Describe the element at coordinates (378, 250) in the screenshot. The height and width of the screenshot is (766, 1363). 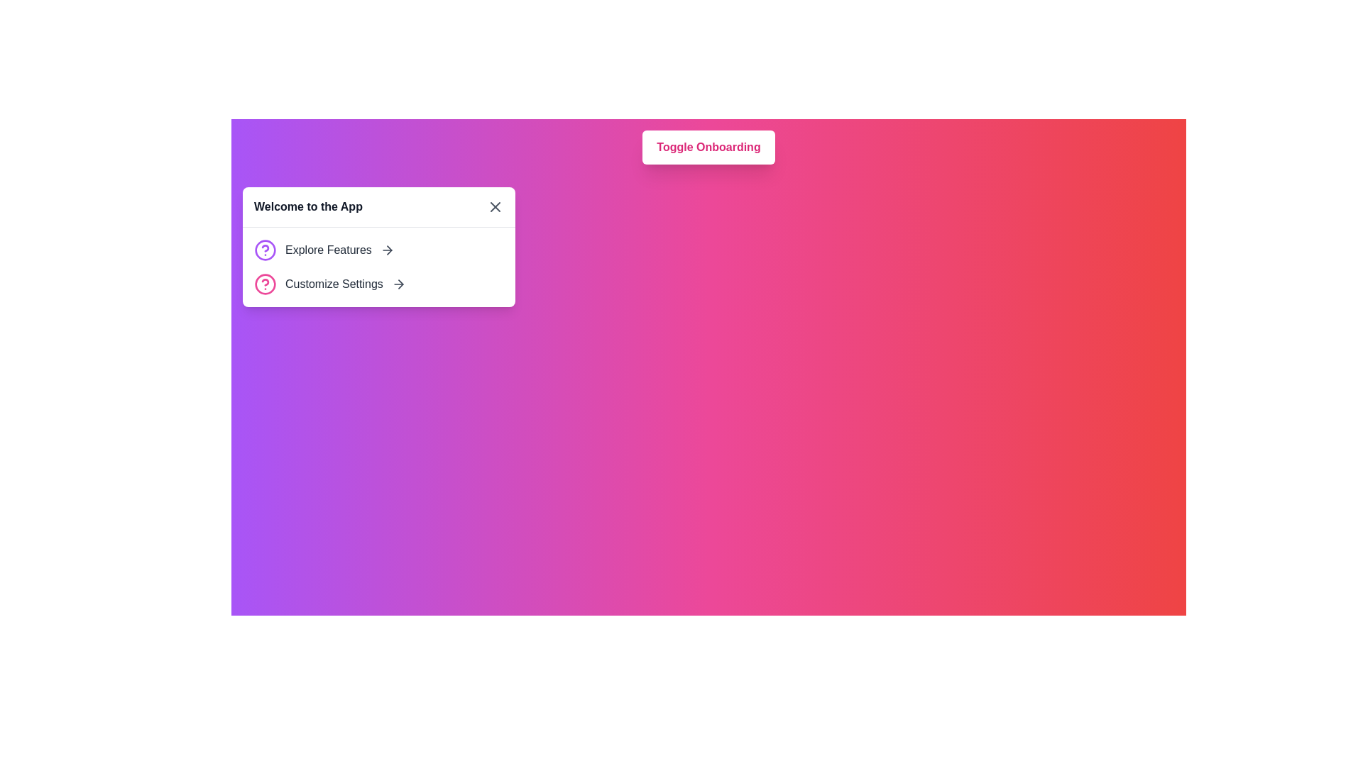
I see `the first clickable list item under the title 'Welcome to the App'` at that location.